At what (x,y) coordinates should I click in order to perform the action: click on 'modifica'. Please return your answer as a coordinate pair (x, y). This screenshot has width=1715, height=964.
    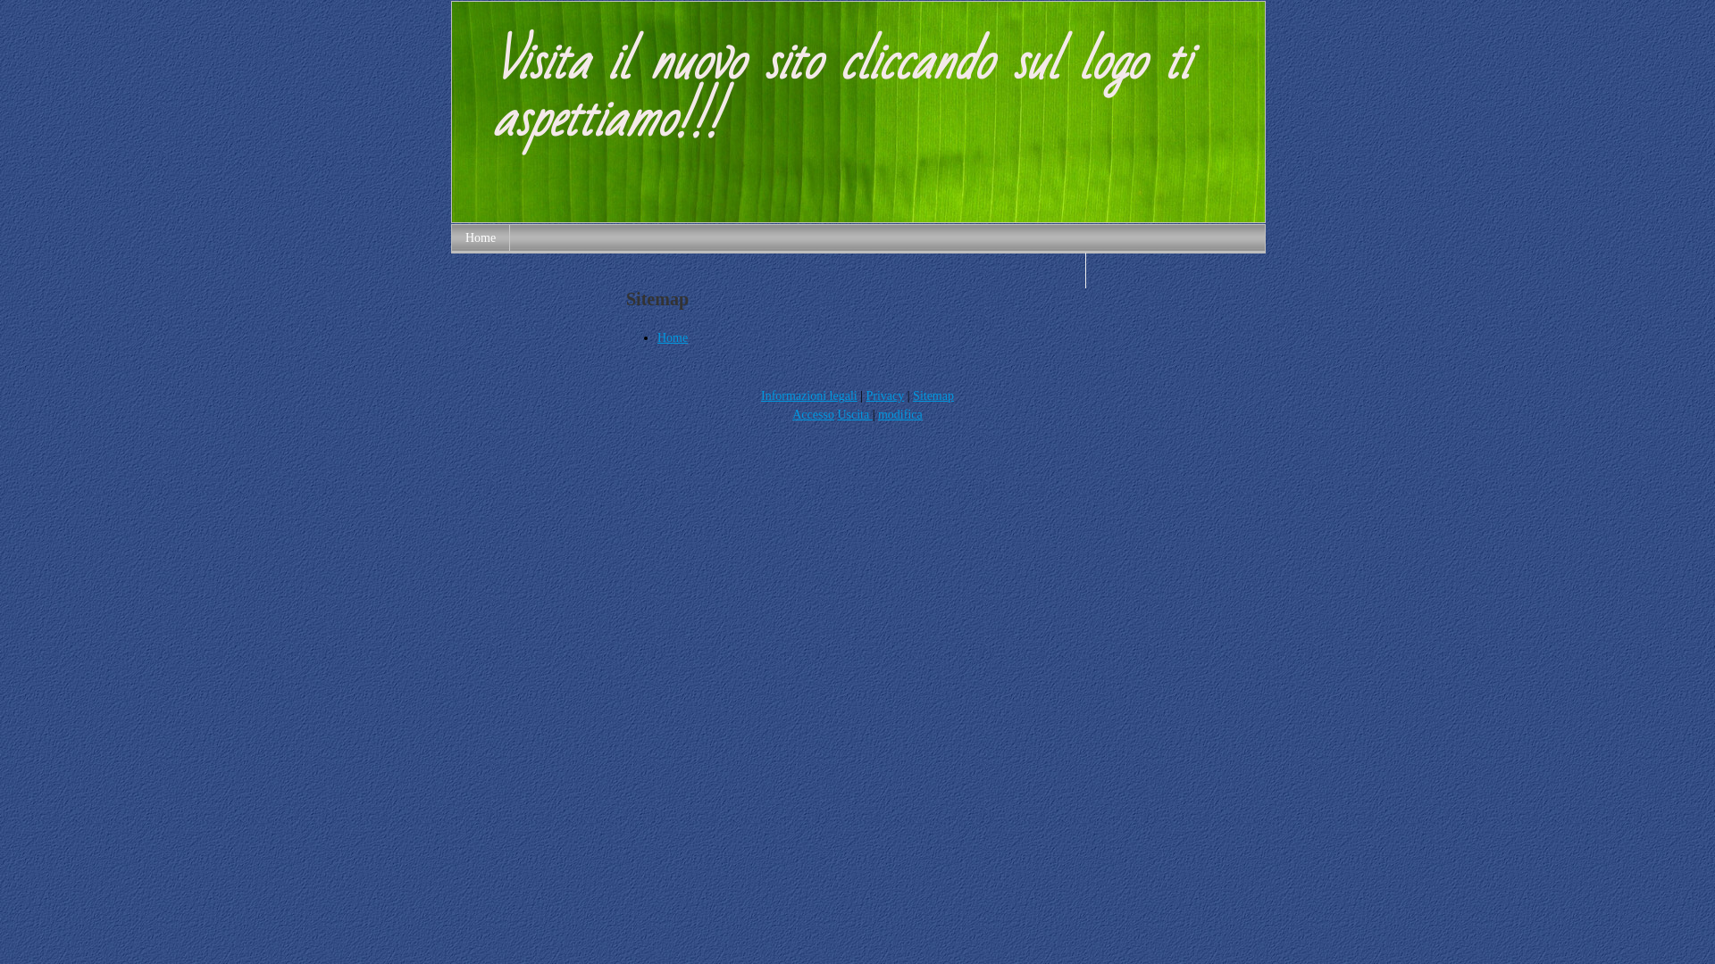
    Looking at the image, I should click on (900, 414).